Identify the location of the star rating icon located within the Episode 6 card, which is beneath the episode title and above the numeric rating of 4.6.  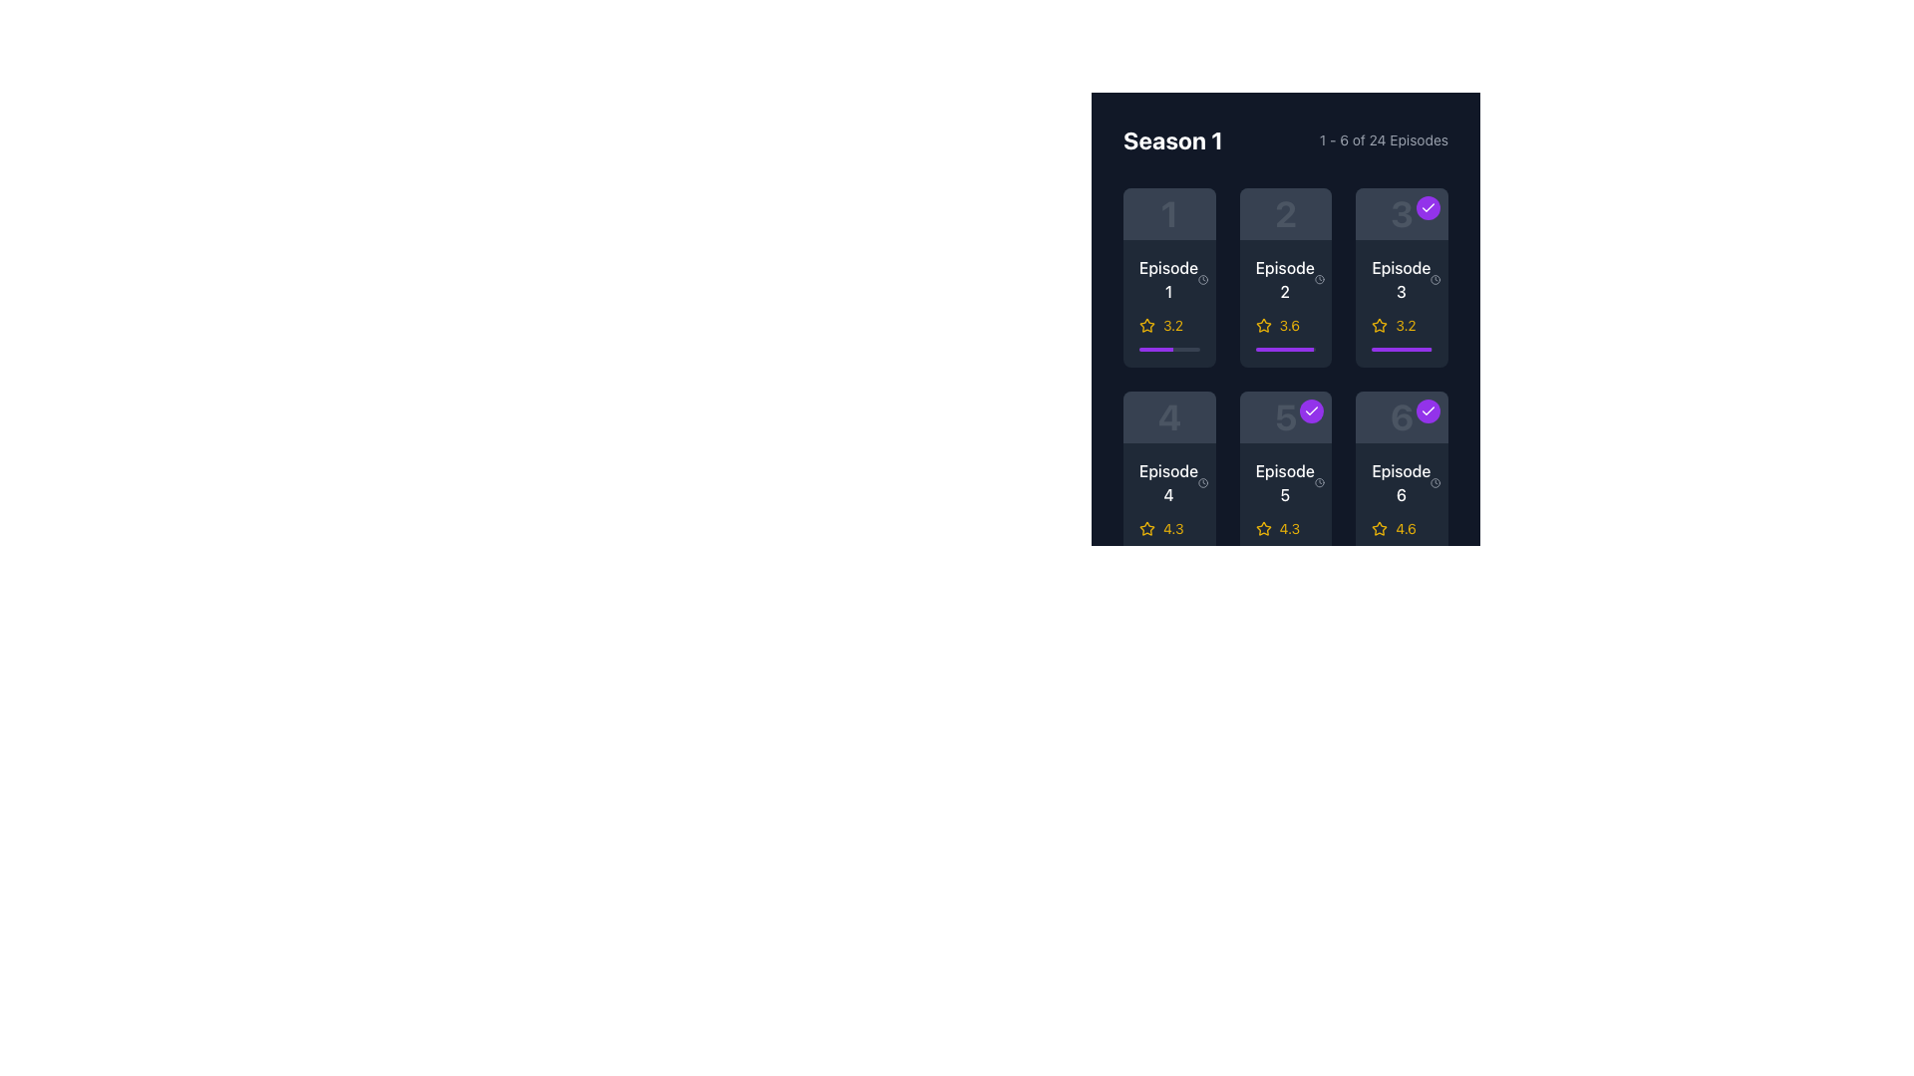
(1379, 527).